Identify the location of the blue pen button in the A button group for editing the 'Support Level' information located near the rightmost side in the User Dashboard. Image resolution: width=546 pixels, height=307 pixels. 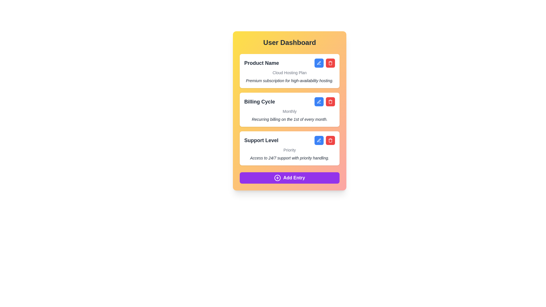
(325, 140).